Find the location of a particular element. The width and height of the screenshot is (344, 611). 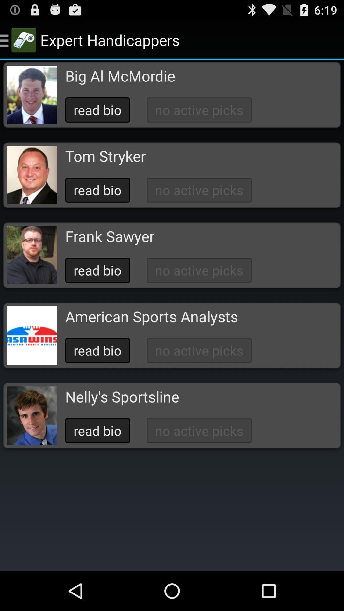

big al mcmordie app is located at coordinates (120, 76).